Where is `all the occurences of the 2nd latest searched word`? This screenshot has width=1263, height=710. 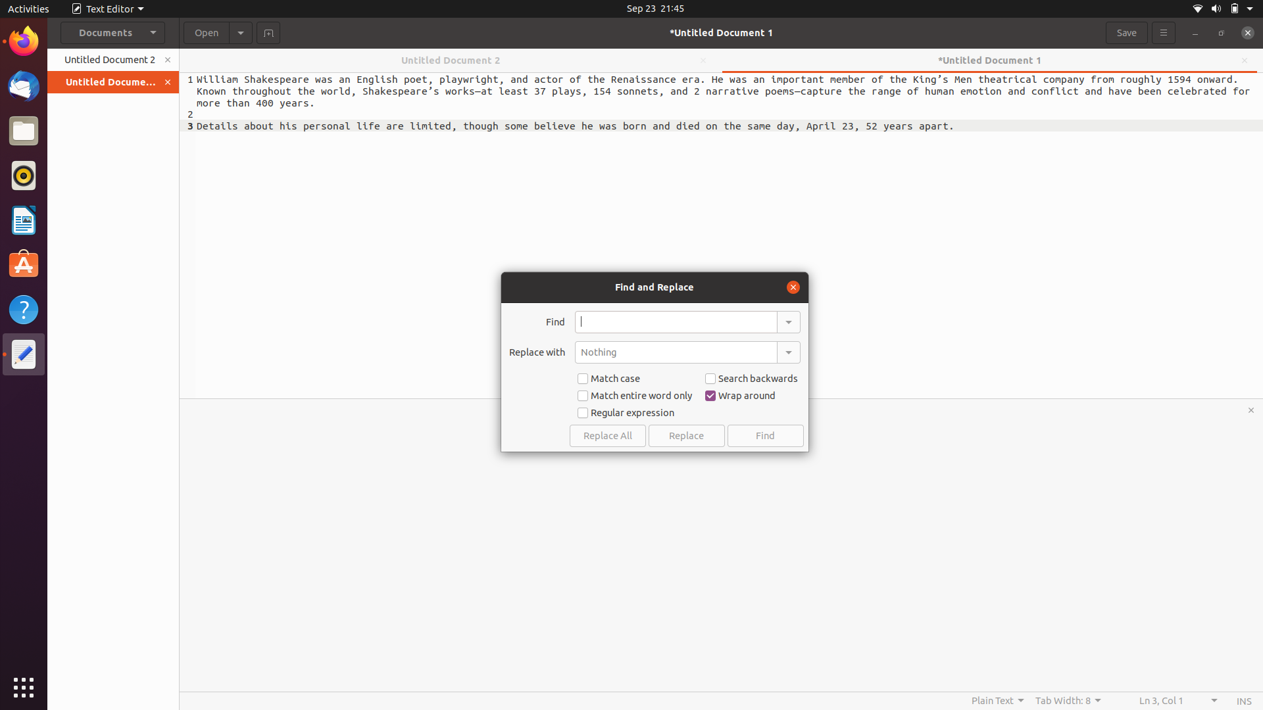 all the occurences of the 2nd latest searched word is located at coordinates (787, 321).